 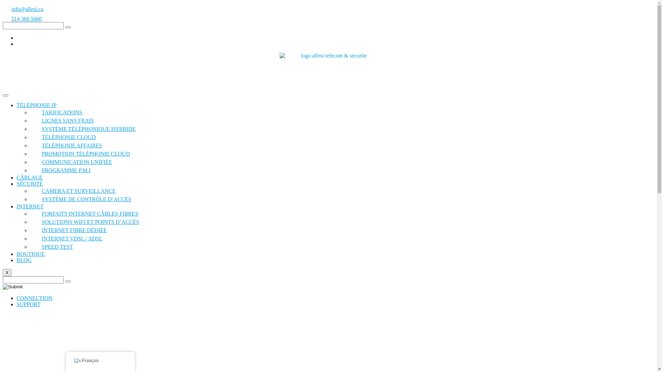 What do you see at coordinates (69, 170) in the screenshot?
I see `'PROGRAMME P.M.I'` at bounding box center [69, 170].